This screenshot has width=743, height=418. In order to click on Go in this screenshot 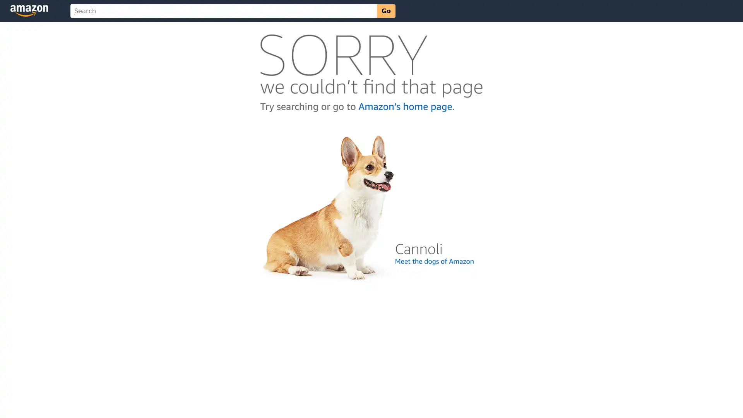, I will do `click(386, 11)`.